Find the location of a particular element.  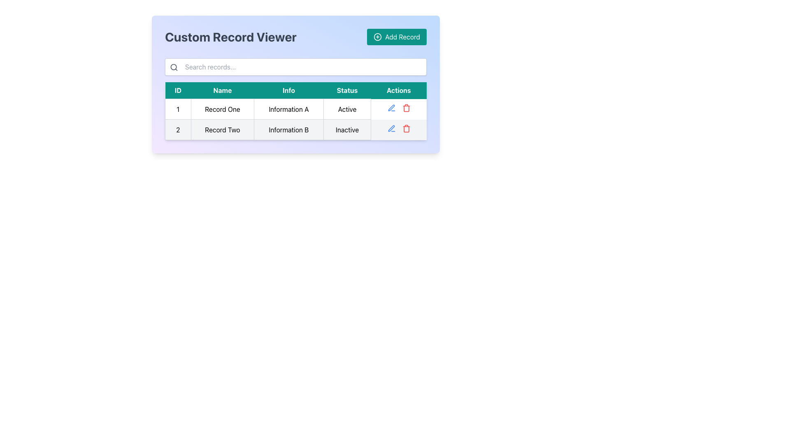

the Text Label that displays the current status as 'Inactive' in the fourth column of the second row of the table located beneath the search bar in the 'Custom Record Viewer' section is located at coordinates (347, 129).